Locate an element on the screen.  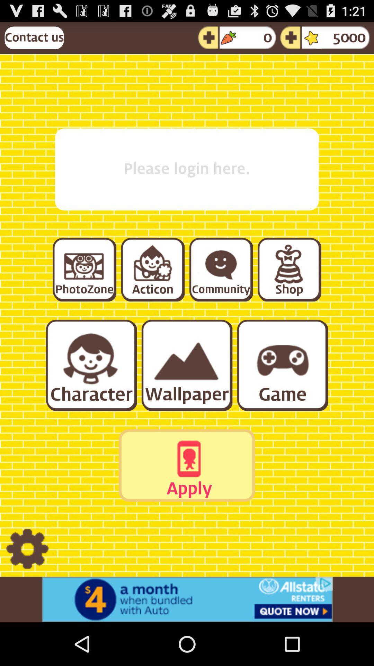
acticon option is located at coordinates (152, 269).